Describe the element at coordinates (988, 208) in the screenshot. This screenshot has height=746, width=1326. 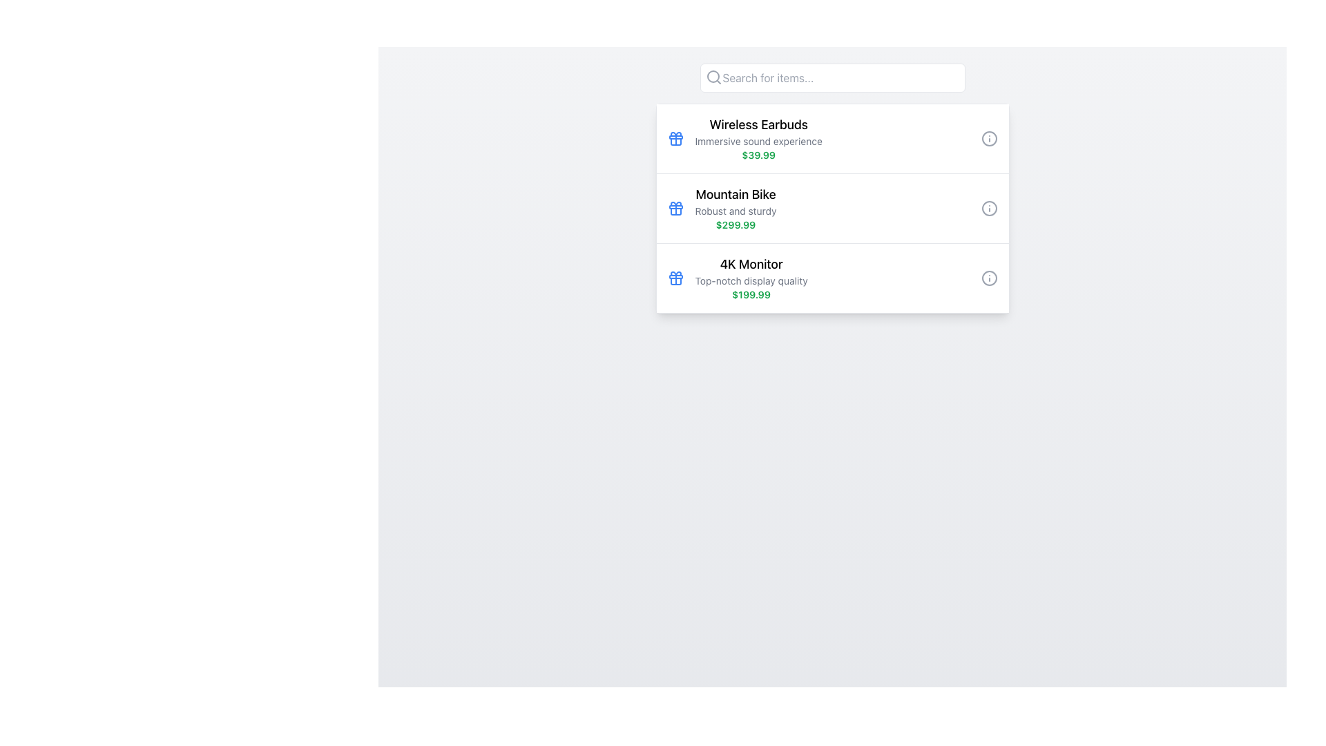
I see `the circular information icon with a light gray outline located at the far right of the 'Mountain Bike' product card` at that location.